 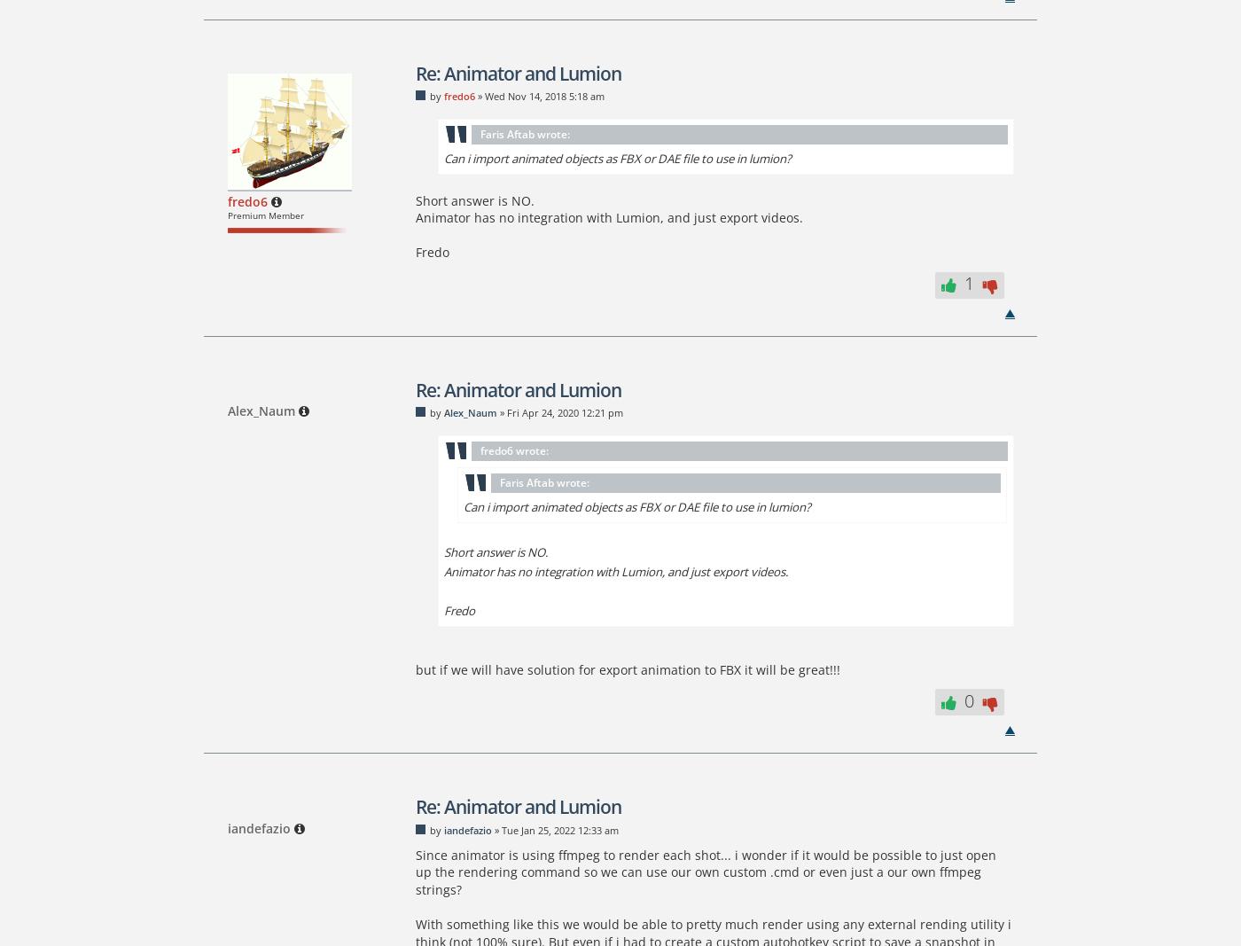 What do you see at coordinates (558, 411) in the screenshot?
I see `'» Fri Apr 24, 2020 12:21 pm'` at bounding box center [558, 411].